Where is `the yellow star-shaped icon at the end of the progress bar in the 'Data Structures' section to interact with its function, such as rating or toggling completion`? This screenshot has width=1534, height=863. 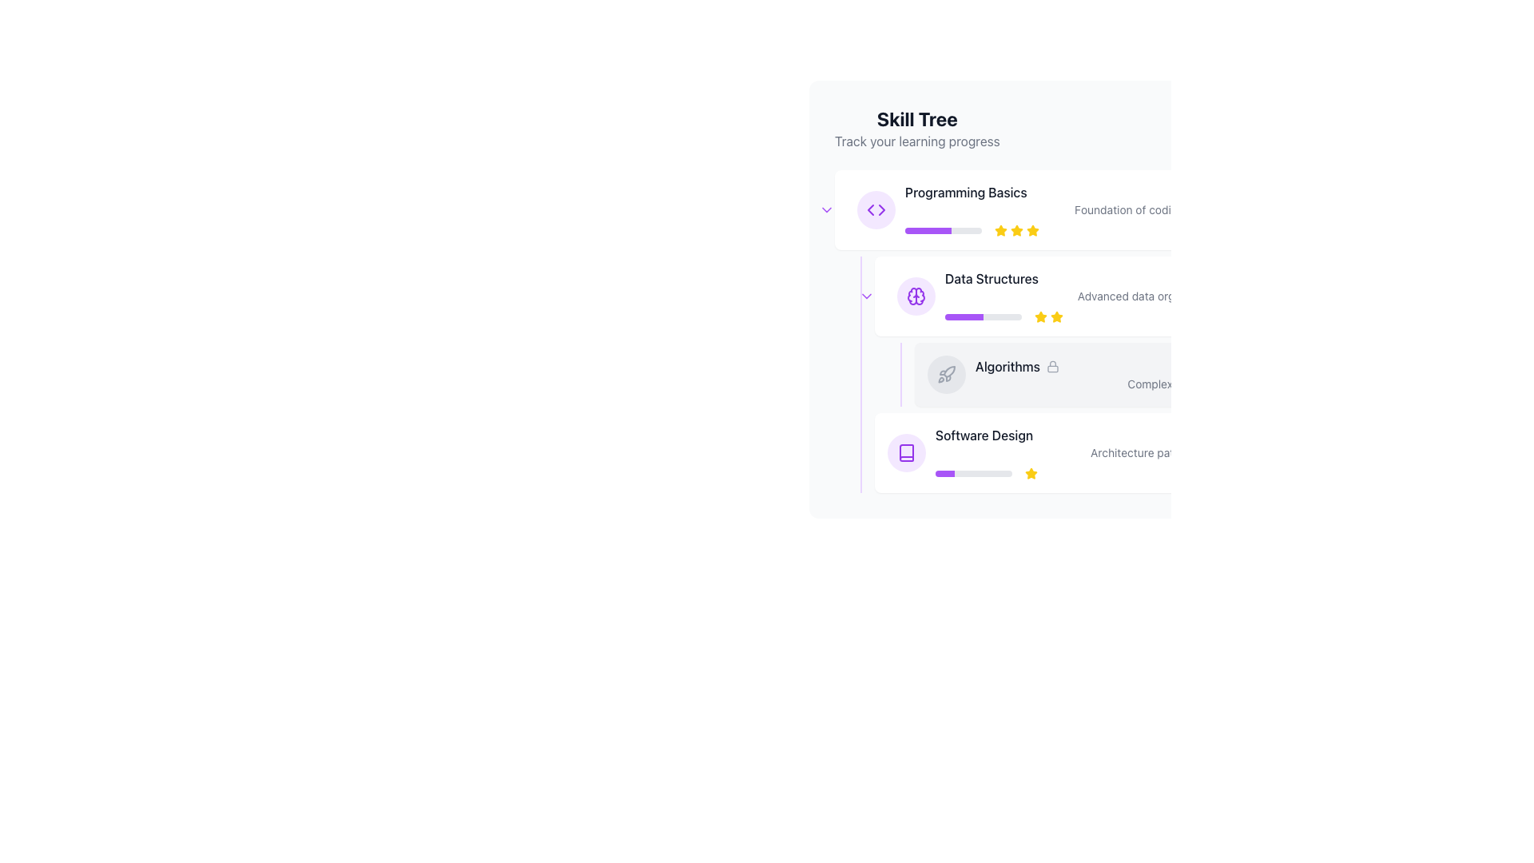
the yellow star-shaped icon at the end of the progress bar in the 'Data Structures' section to interact with its function, such as rating or toggling completion is located at coordinates (1040, 316).